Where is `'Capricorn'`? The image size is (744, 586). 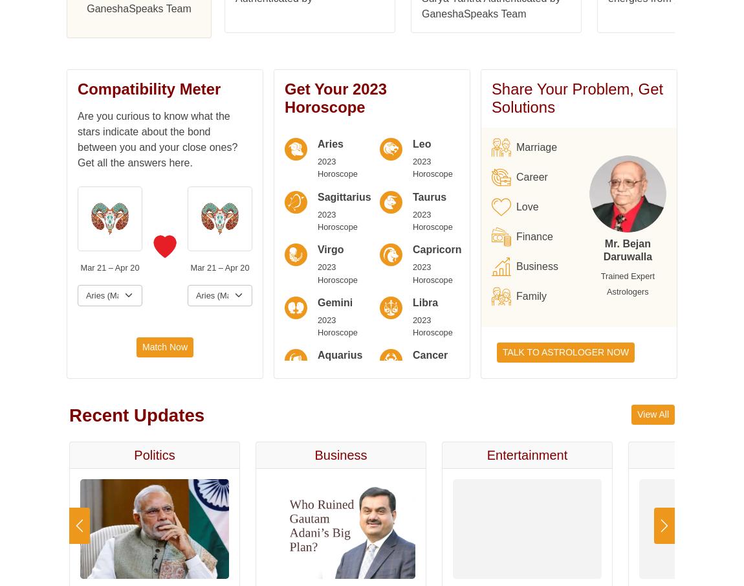 'Capricorn' is located at coordinates (68, 20).